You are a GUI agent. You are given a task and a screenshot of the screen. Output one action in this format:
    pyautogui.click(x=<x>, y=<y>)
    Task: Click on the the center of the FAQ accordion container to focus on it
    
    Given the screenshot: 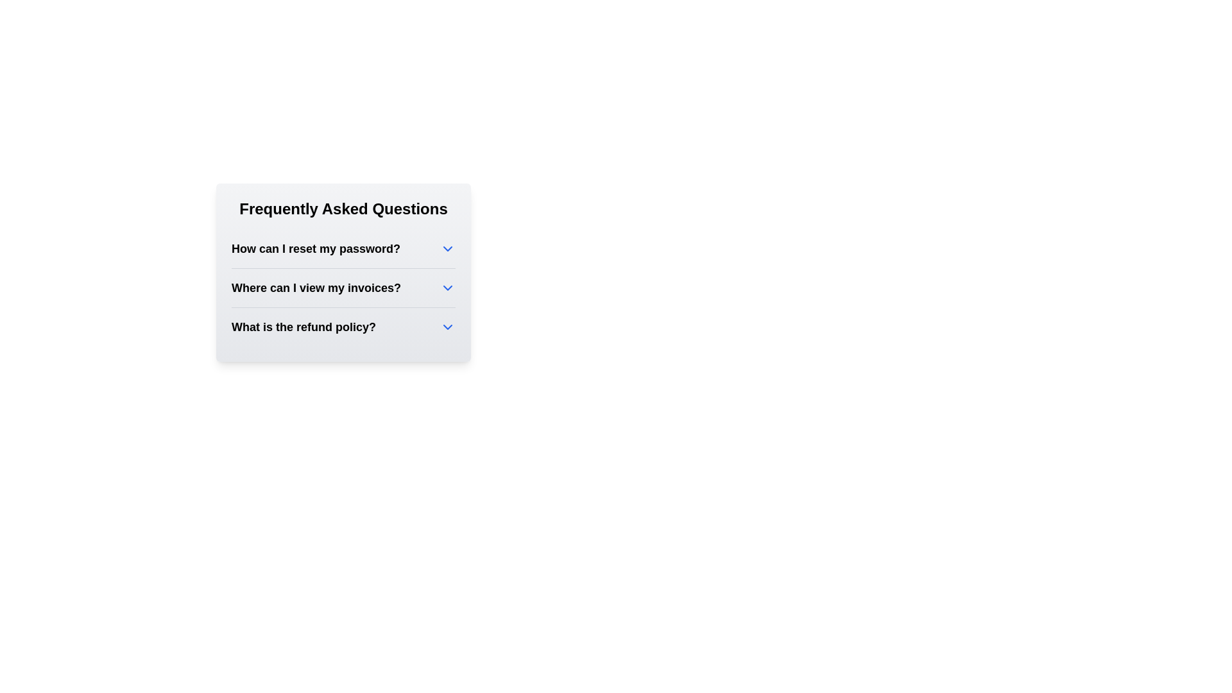 What is the action you would take?
    pyautogui.click(x=343, y=271)
    